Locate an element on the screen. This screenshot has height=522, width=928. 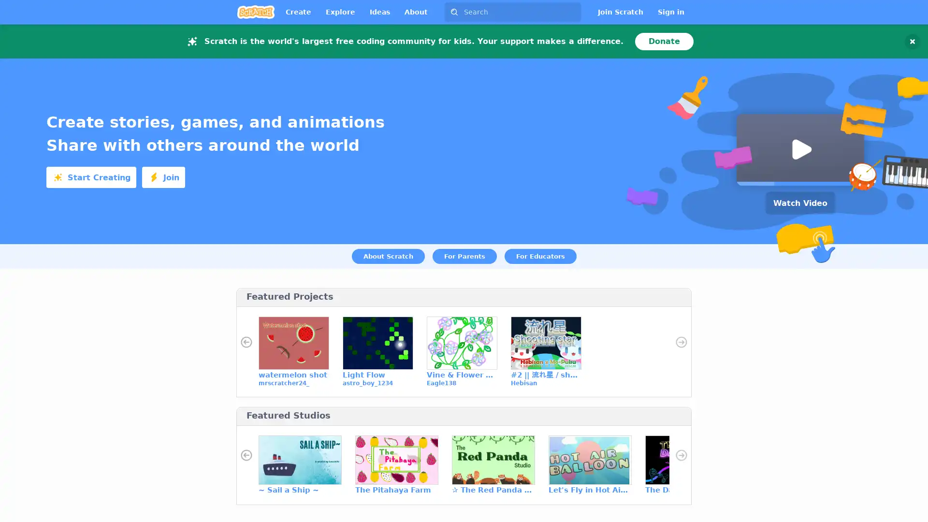
Next is located at coordinates (681, 342).